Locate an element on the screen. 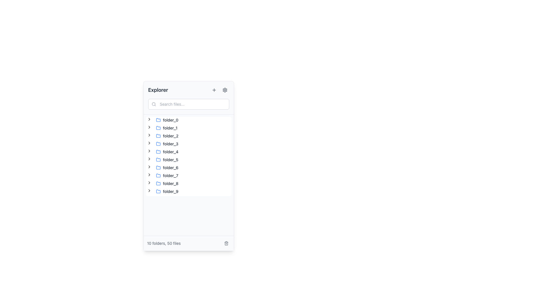 This screenshot has width=544, height=306. the text label representing the folder named 'folder_3' is located at coordinates (170, 144).